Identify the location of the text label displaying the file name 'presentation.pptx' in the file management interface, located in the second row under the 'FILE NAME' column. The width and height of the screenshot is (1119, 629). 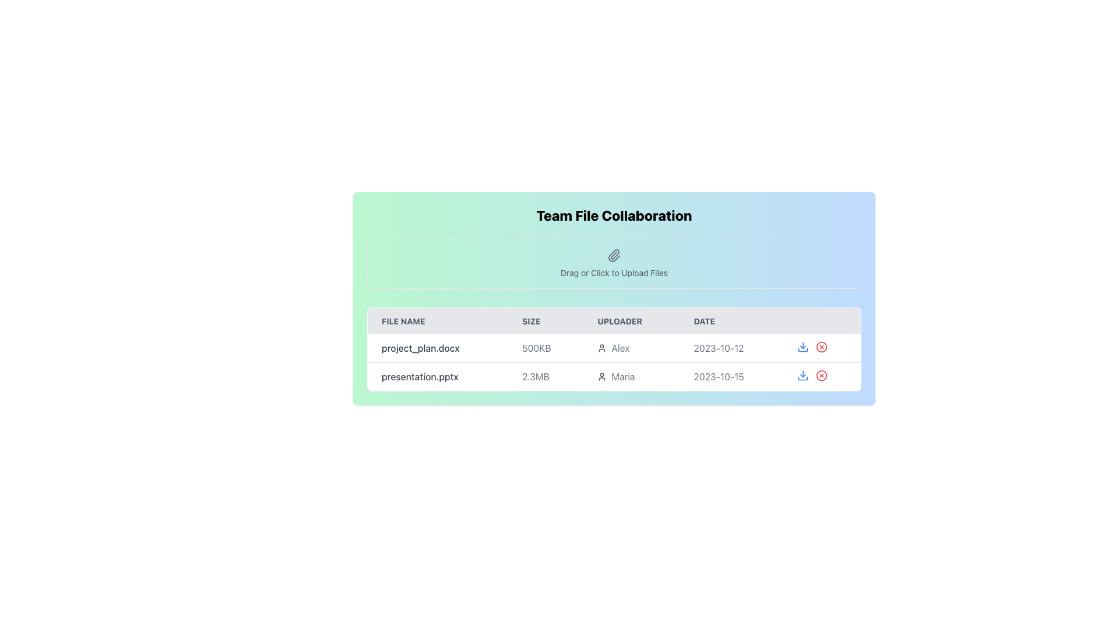
(437, 377).